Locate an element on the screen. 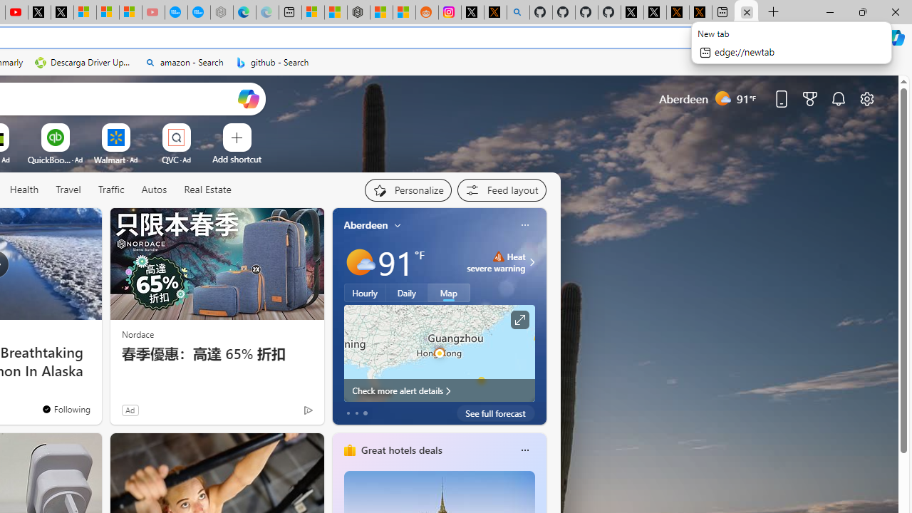  'Add a site' is located at coordinates (237, 159).